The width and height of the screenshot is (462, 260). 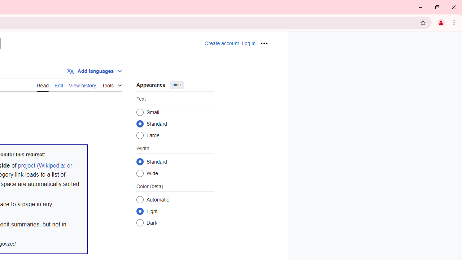 I want to click on 'AutomationID: pt-createaccount-2', so click(x=221, y=43).